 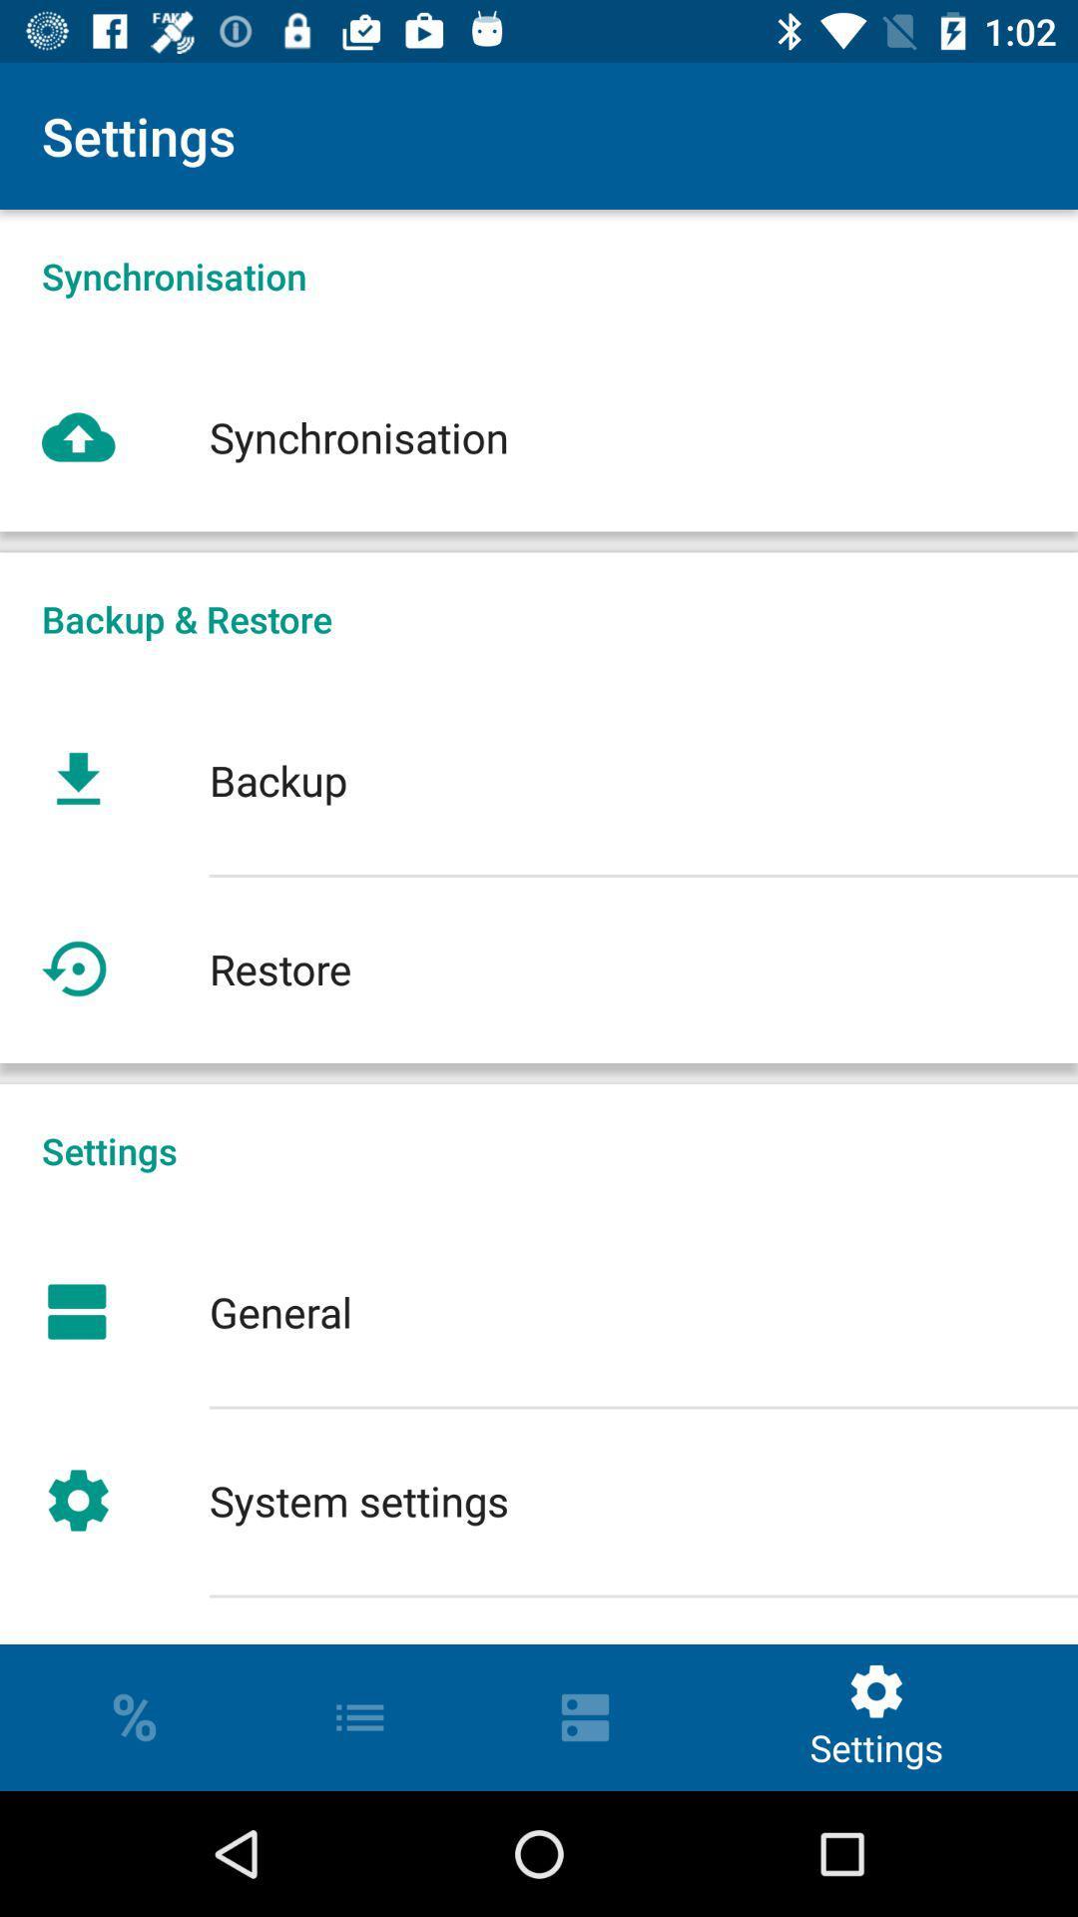 I want to click on general icon, so click(x=539, y=1312).